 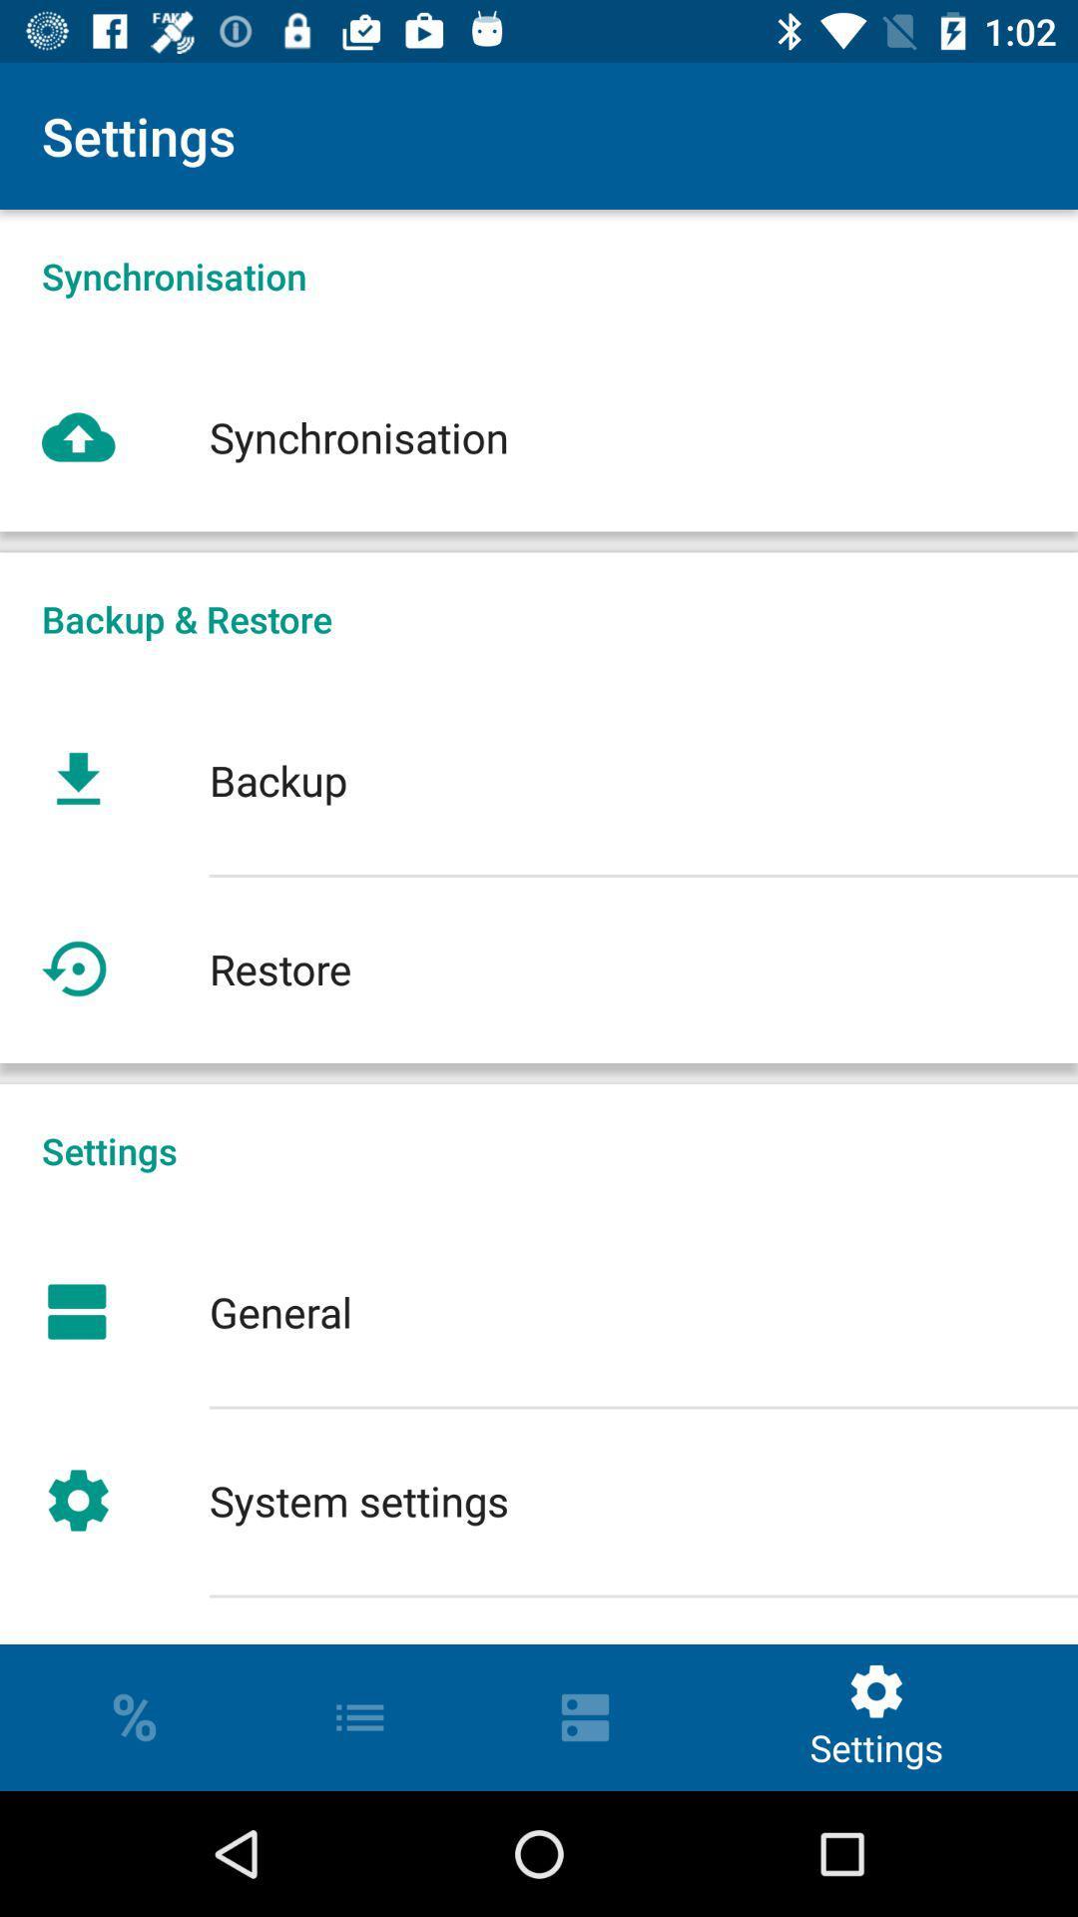 I want to click on general icon, so click(x=539, y=1312).